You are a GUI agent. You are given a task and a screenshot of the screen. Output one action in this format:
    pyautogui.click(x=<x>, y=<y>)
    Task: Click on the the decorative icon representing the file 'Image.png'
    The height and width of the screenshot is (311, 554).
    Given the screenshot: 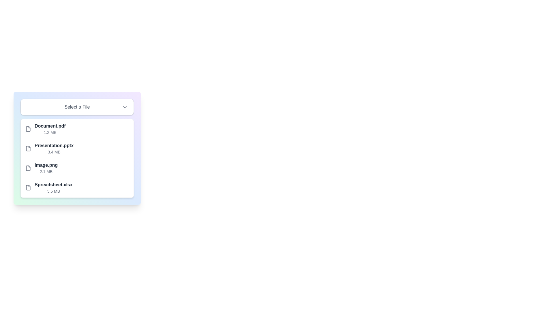 What is the action you would take?
    pyautogui.click(x=28, y=168)
    